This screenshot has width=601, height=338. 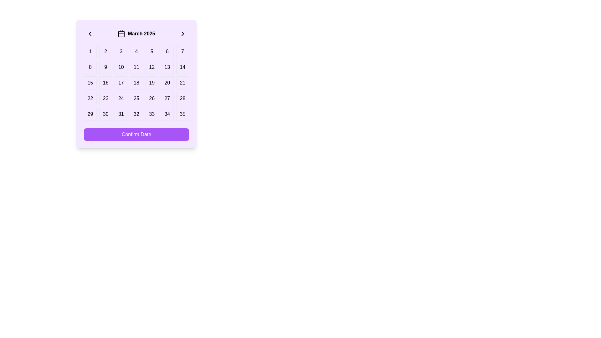 What do you see at coordinates (152, 83) in the screenshot?
I see `the date selection cell displaying '19' in the calendar UI` at bounding box center [152, 83].